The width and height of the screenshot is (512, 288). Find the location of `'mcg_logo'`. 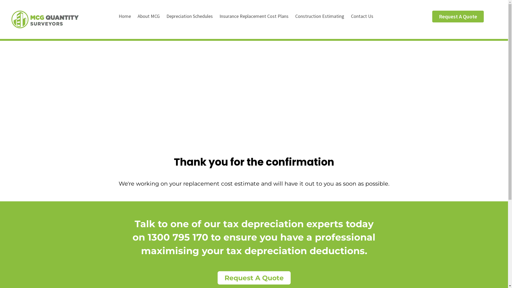

'mcg_logo' is located at coordinates (11, 22).